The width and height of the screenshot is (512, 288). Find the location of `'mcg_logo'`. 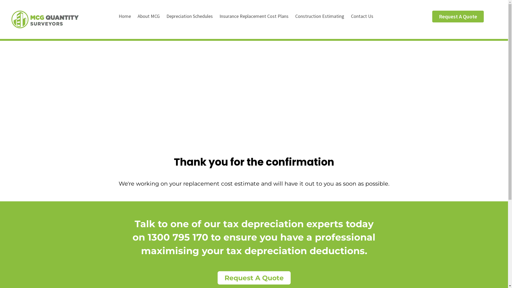

'mcg_logo' is located at coordinates (11, 22).